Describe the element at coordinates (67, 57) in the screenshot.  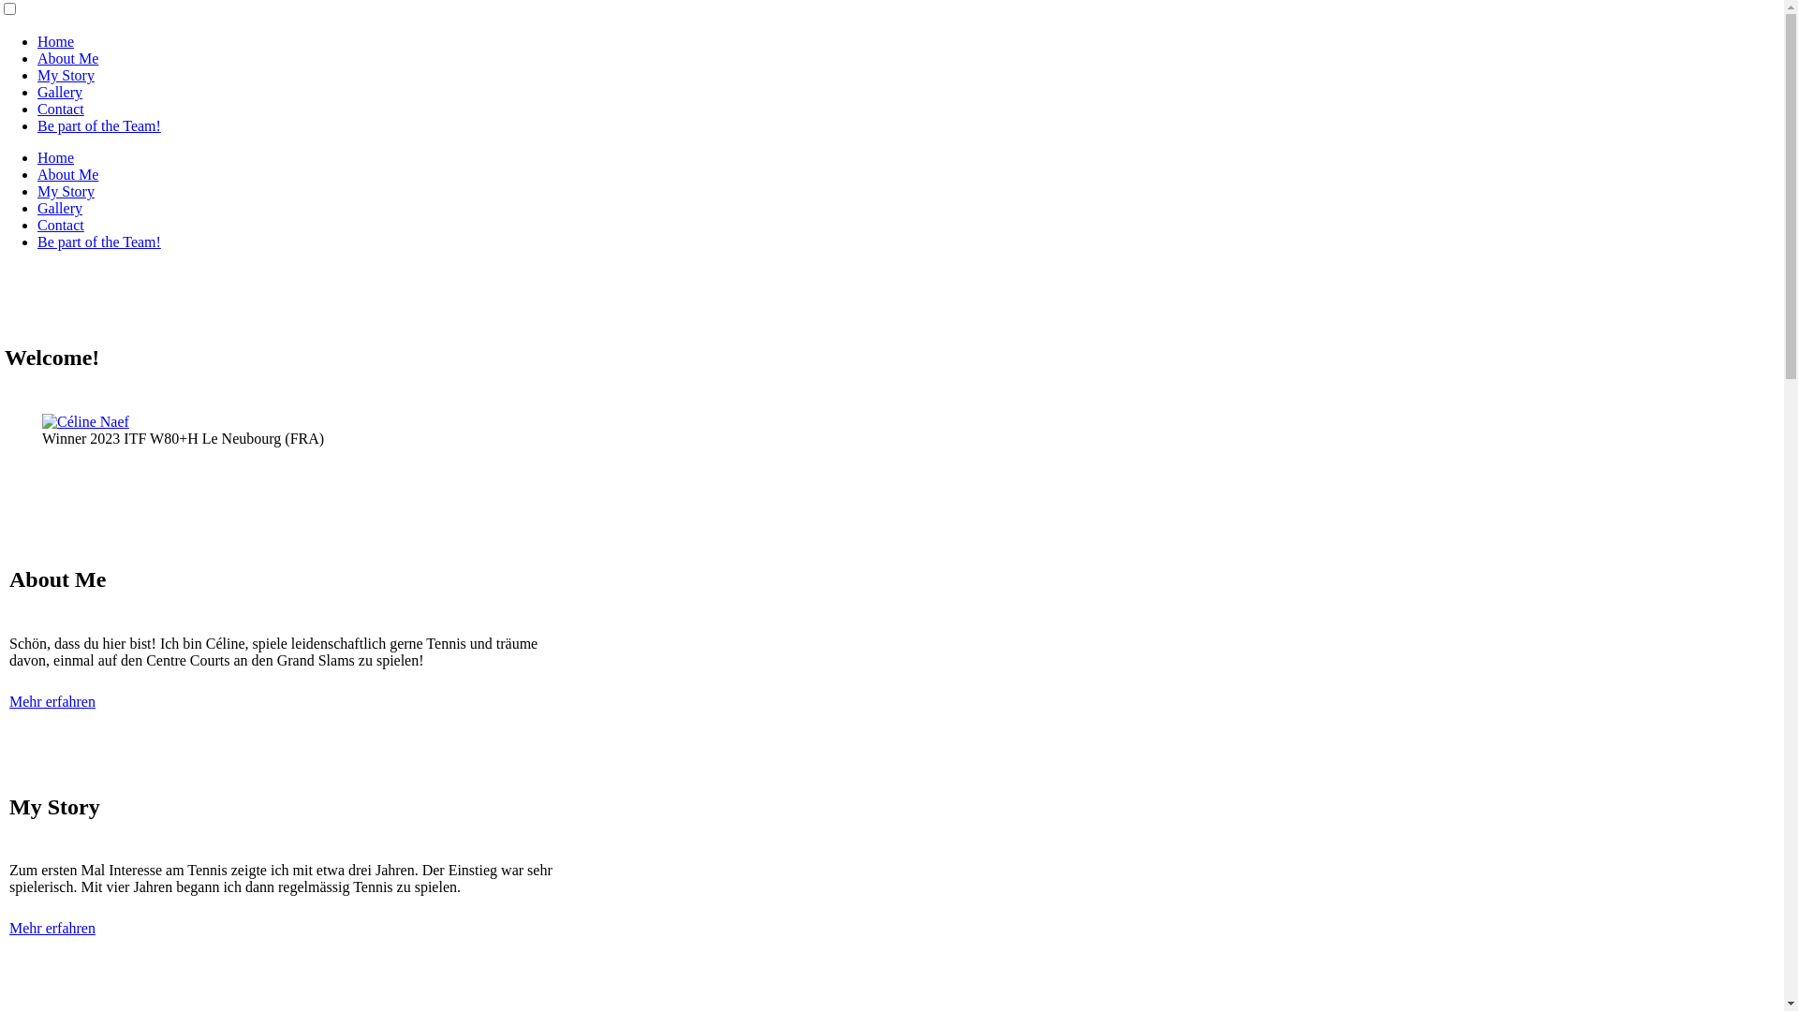
I see `'About Me'` at that location.